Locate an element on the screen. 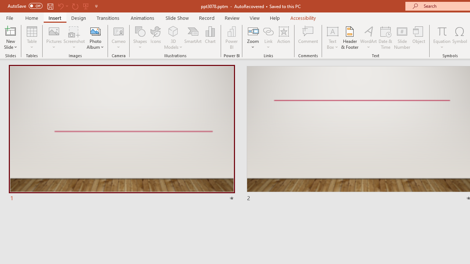 This screenshot has height=264, width=470. 'Cameo' is located at coordinates (119, 38).